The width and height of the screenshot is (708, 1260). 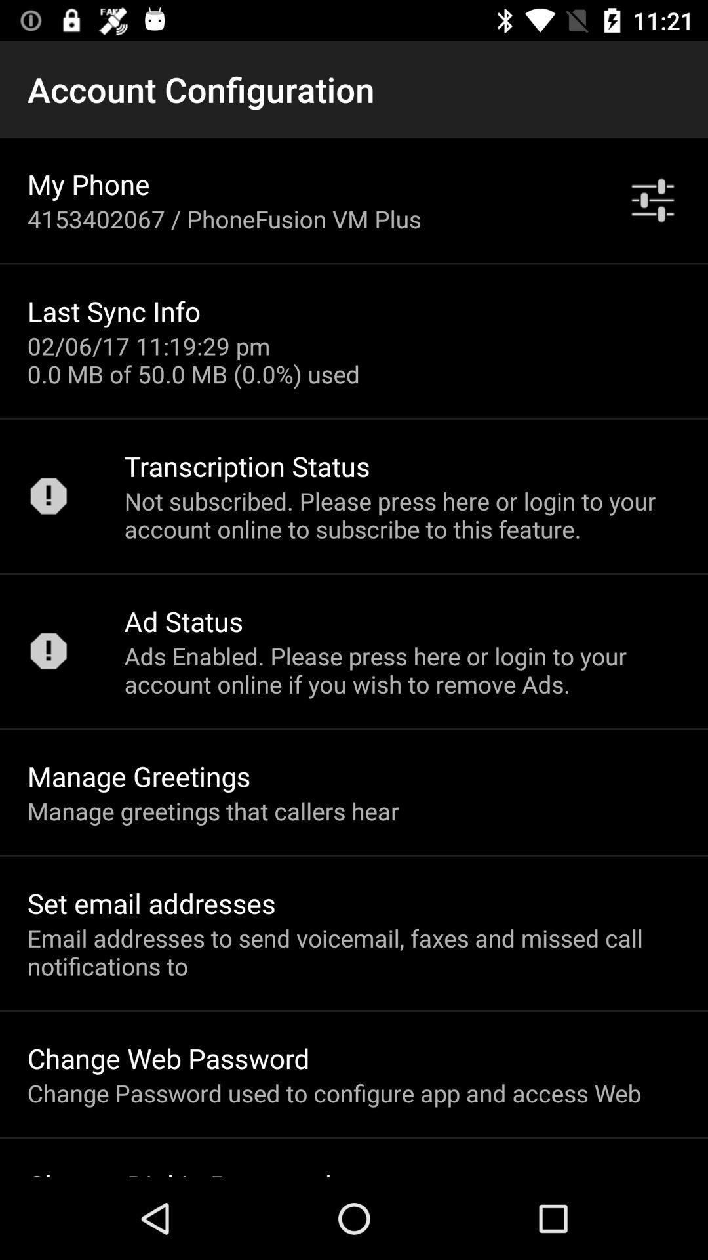 I want to click on app below 02 06 17, so click(x=247, y=466).